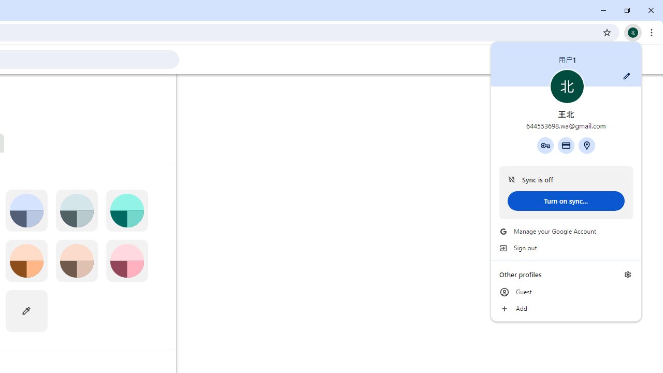  I want to click on 'Sign out', so click(566, 248).